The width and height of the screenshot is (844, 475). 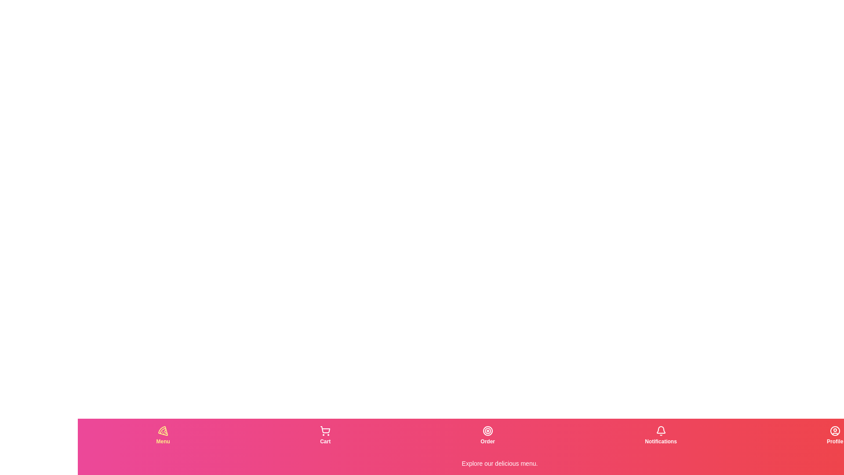 I want to click on the tab corresponding to Notifications, so click(x=660, y=435).